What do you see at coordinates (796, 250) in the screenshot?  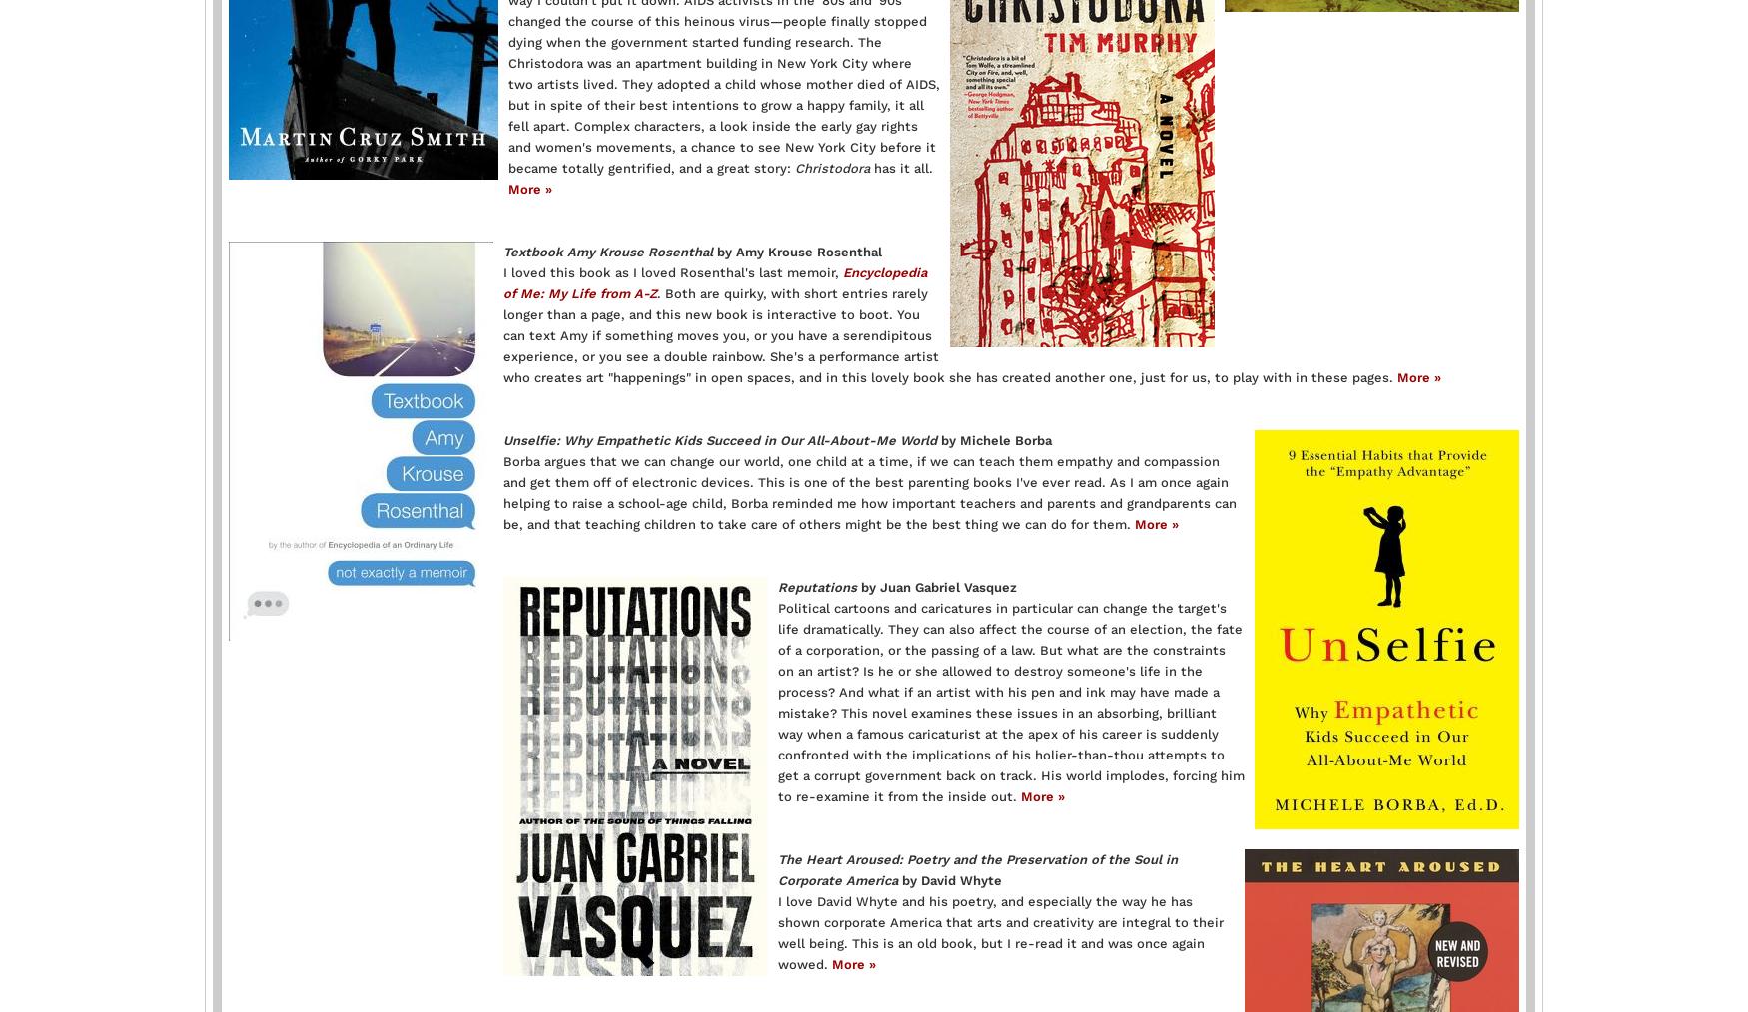 I see `'by Amy Krouse Rosenthal'` at bounding box center [796, 250].